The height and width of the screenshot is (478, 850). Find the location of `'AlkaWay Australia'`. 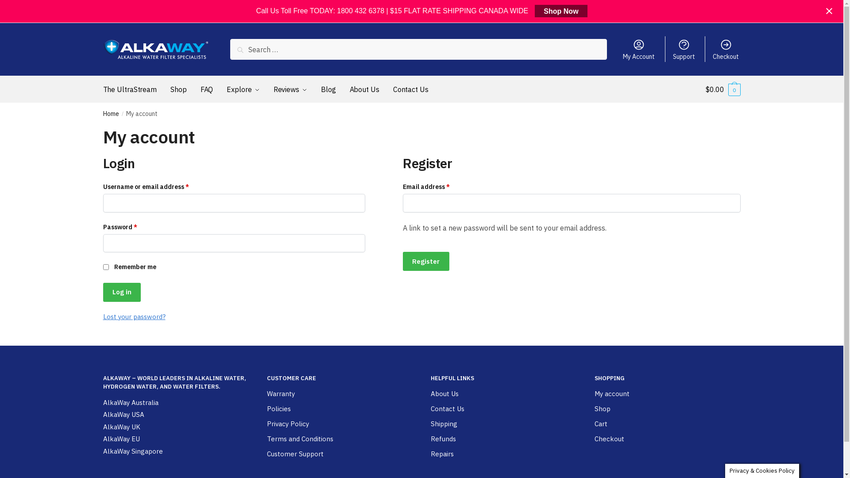

'AlkaWay Australia' is located at coordinates (130, 403).